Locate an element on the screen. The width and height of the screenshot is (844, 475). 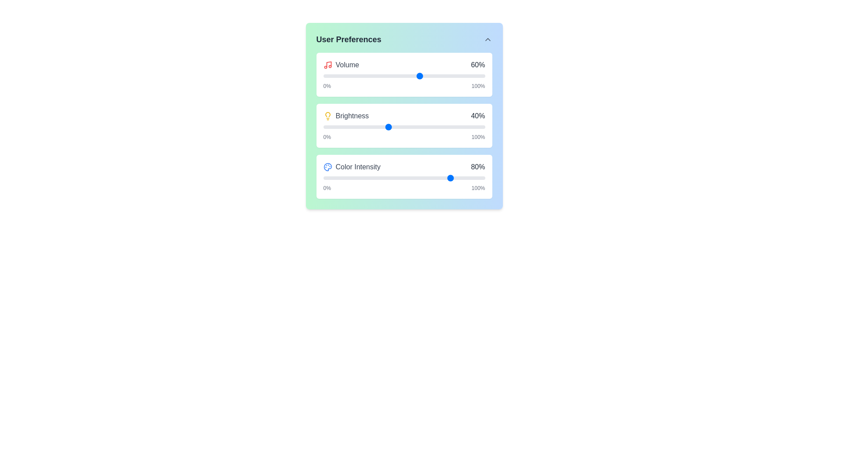
the volume is located at coordinates (394, 76).